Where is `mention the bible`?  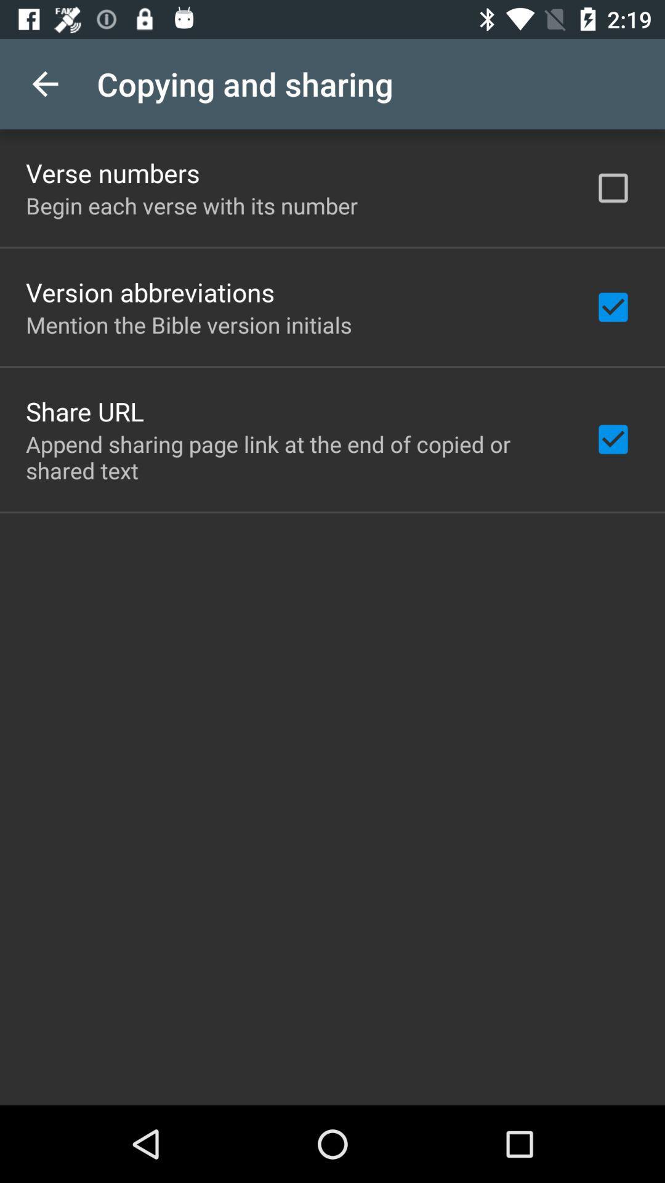
mention the bible is located at coordinates (188, 325).